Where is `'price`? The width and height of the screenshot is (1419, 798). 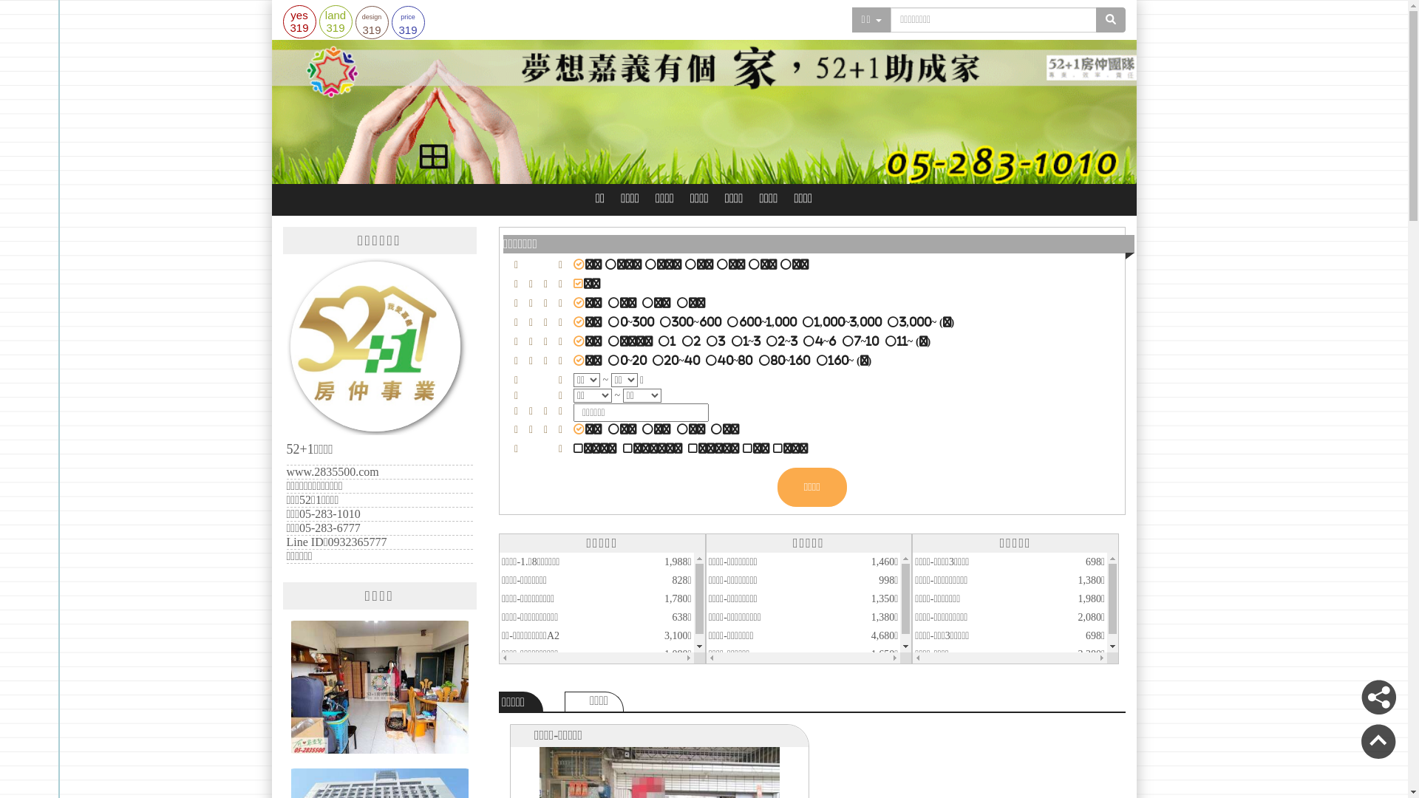 'price is located at coordinates (408, 22).